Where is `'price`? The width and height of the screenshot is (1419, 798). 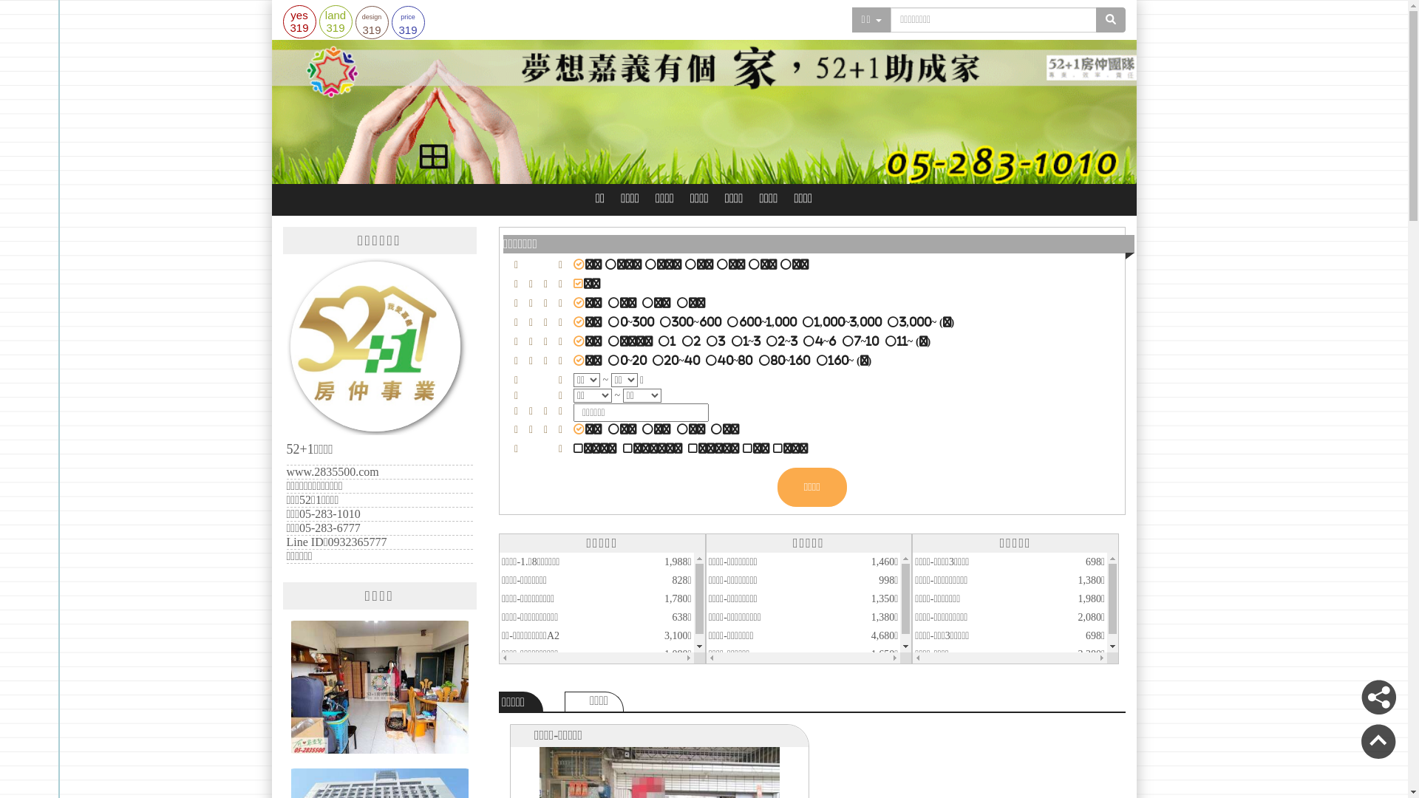 'price is located at coordinates (408, 22).